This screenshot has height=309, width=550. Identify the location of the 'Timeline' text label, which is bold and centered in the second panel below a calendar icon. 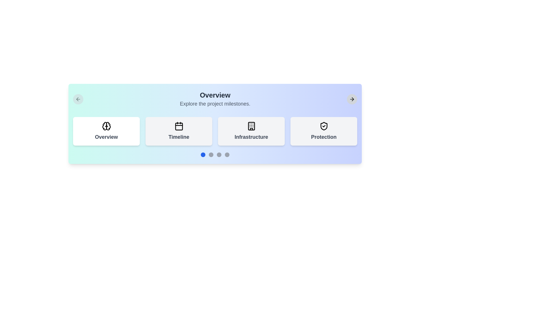
(178, 137).